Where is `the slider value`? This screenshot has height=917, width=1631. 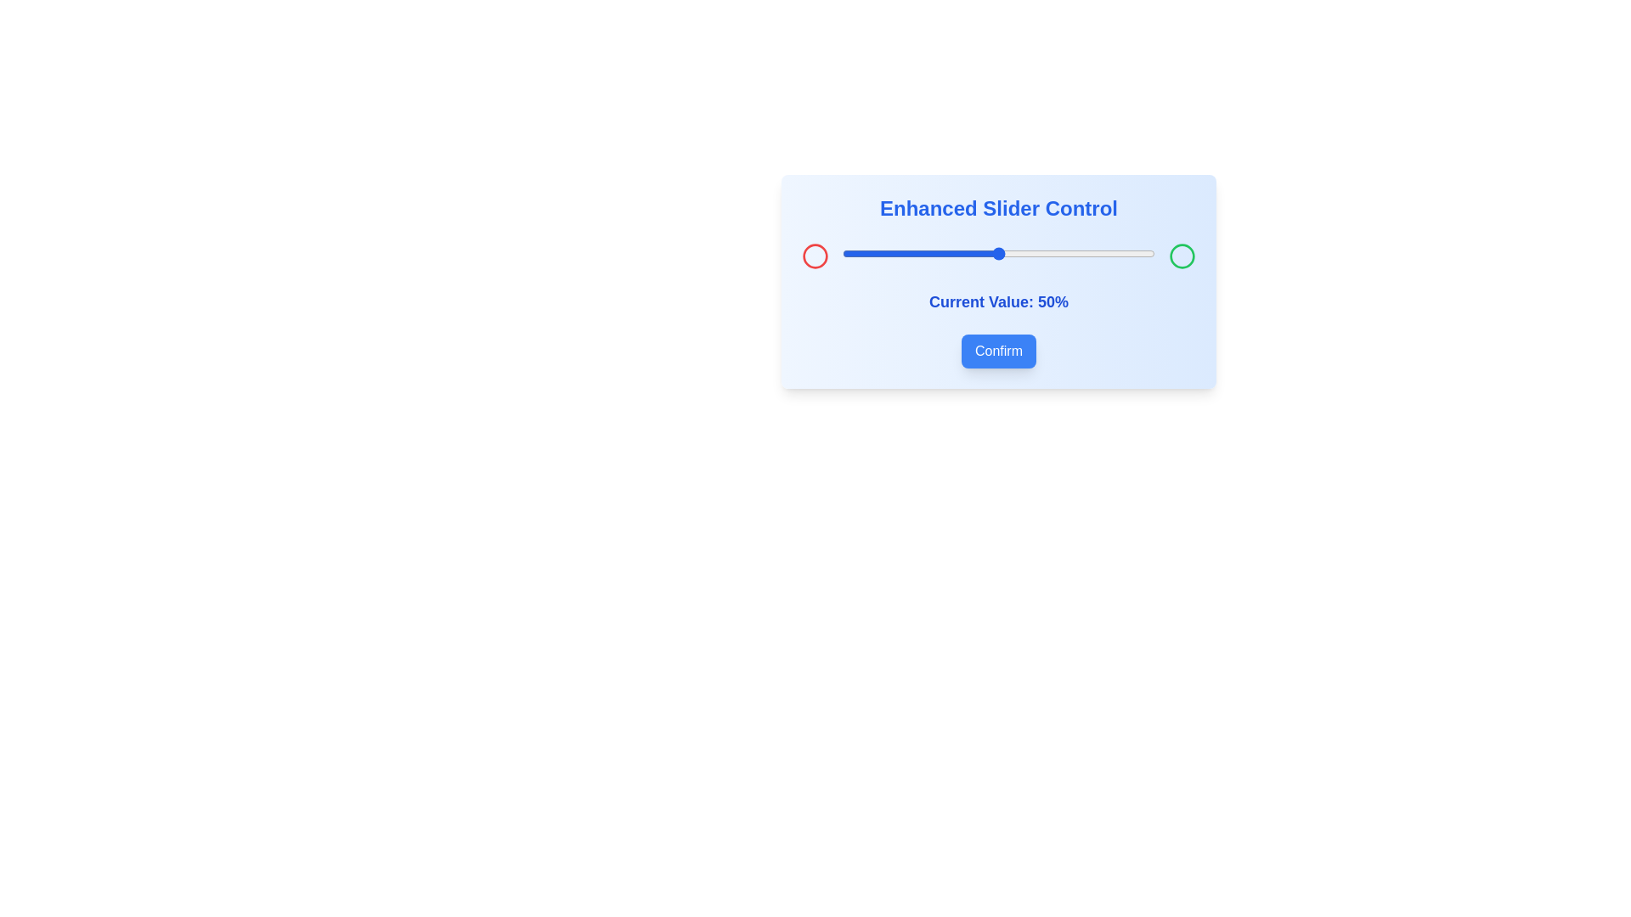 the slider value is located at coordinates (889, 254).